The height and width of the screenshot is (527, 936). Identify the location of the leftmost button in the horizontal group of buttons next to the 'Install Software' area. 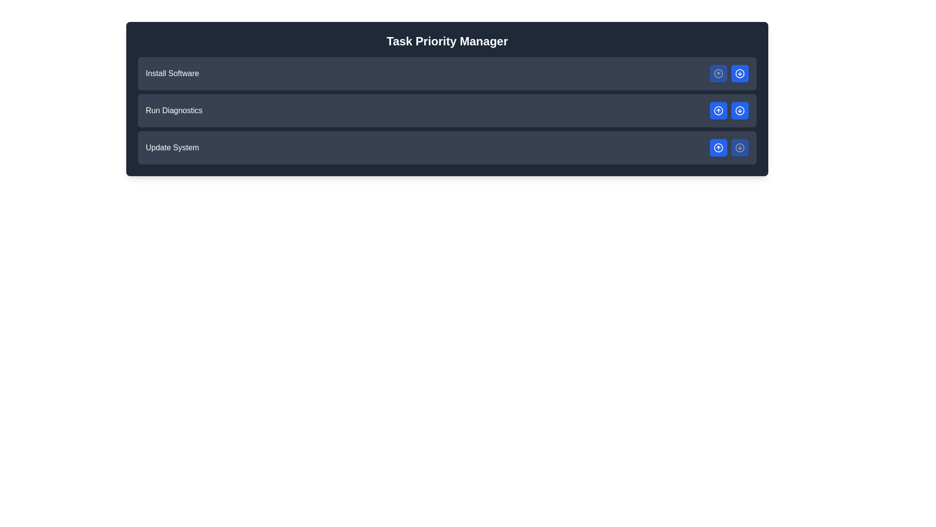
(718, 73).